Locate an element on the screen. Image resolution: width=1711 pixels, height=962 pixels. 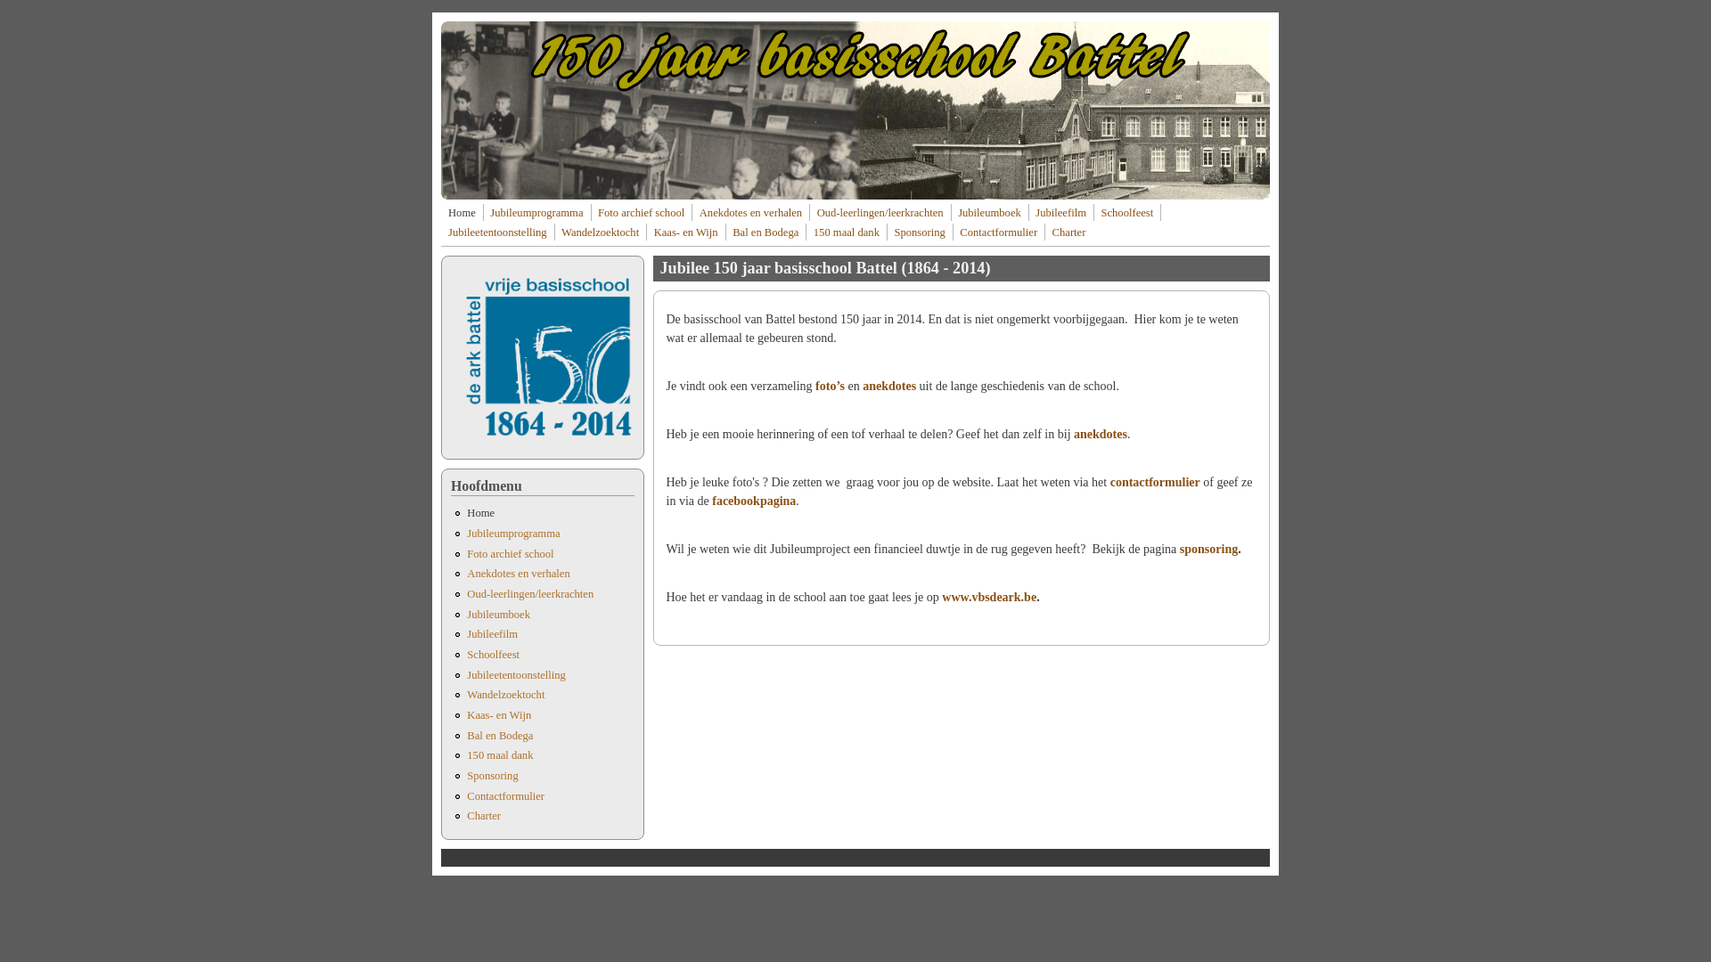
'contactformulier' is located at coordinates (1155, 482).